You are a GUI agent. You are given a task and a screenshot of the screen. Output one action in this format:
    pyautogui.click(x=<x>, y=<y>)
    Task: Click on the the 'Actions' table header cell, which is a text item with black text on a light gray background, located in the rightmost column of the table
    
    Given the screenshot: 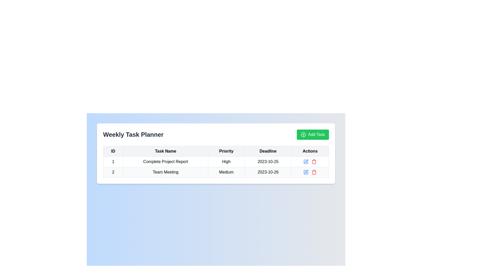 What is the action you would take?
    pyautogui.click(x=310, y=151)
    